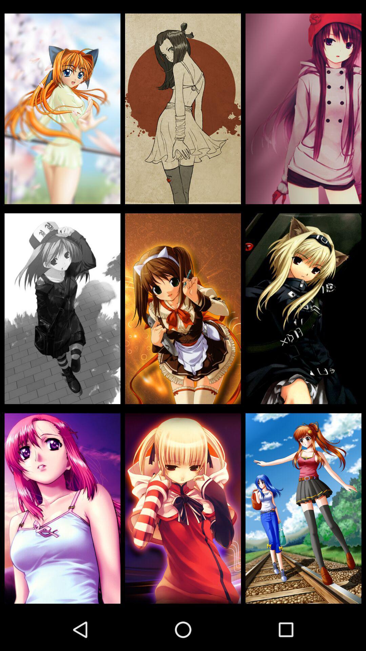 Image resolution: width=366 pixels, height=651 pixels. Describe the element at coordinates (62, 109) in the screenshot. I see `first image` at that location.